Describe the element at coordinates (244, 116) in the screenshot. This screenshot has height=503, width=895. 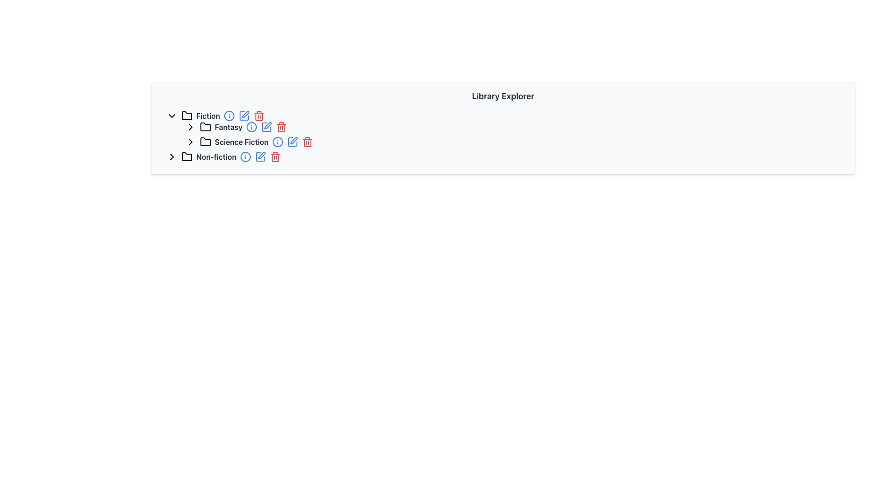
I see `the edit icon button with a pen symbol located next to the 'Fiction' folder to initiate editing` at that location.